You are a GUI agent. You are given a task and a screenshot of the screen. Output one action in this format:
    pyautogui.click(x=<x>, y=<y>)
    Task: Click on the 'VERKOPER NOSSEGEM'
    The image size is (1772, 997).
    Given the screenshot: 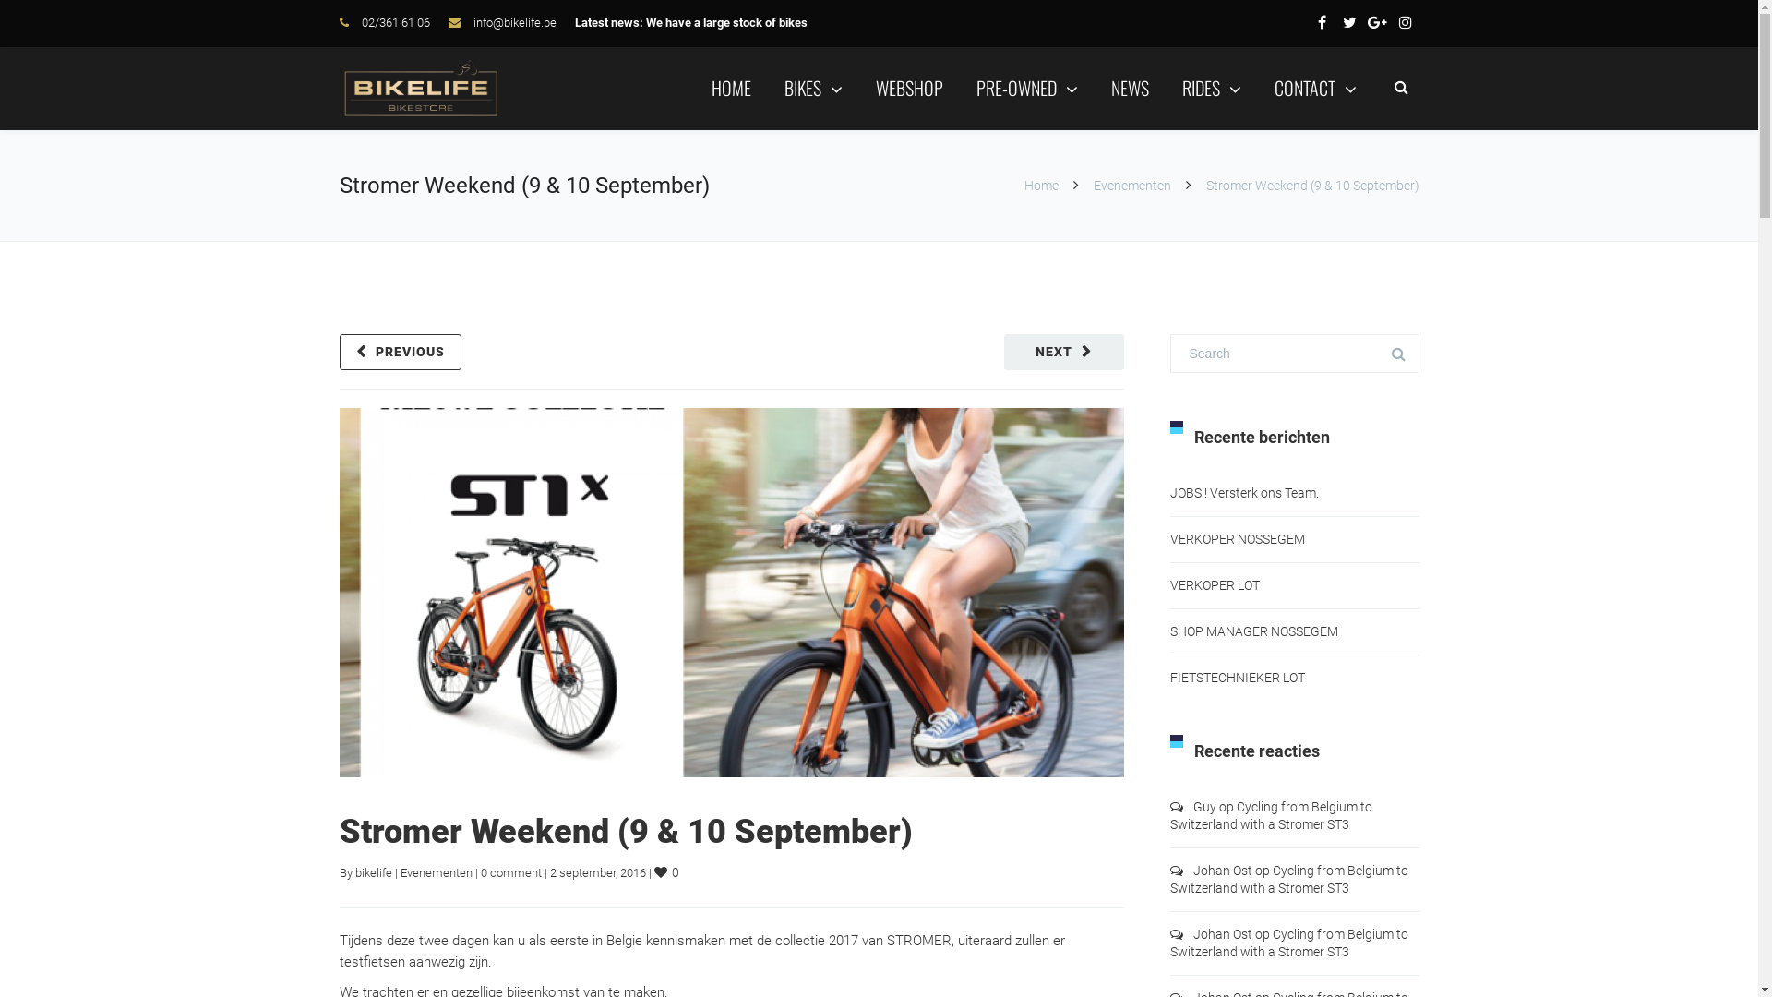 What is the action you would take?
    pyautogui.click(x=1168, y=538)
    